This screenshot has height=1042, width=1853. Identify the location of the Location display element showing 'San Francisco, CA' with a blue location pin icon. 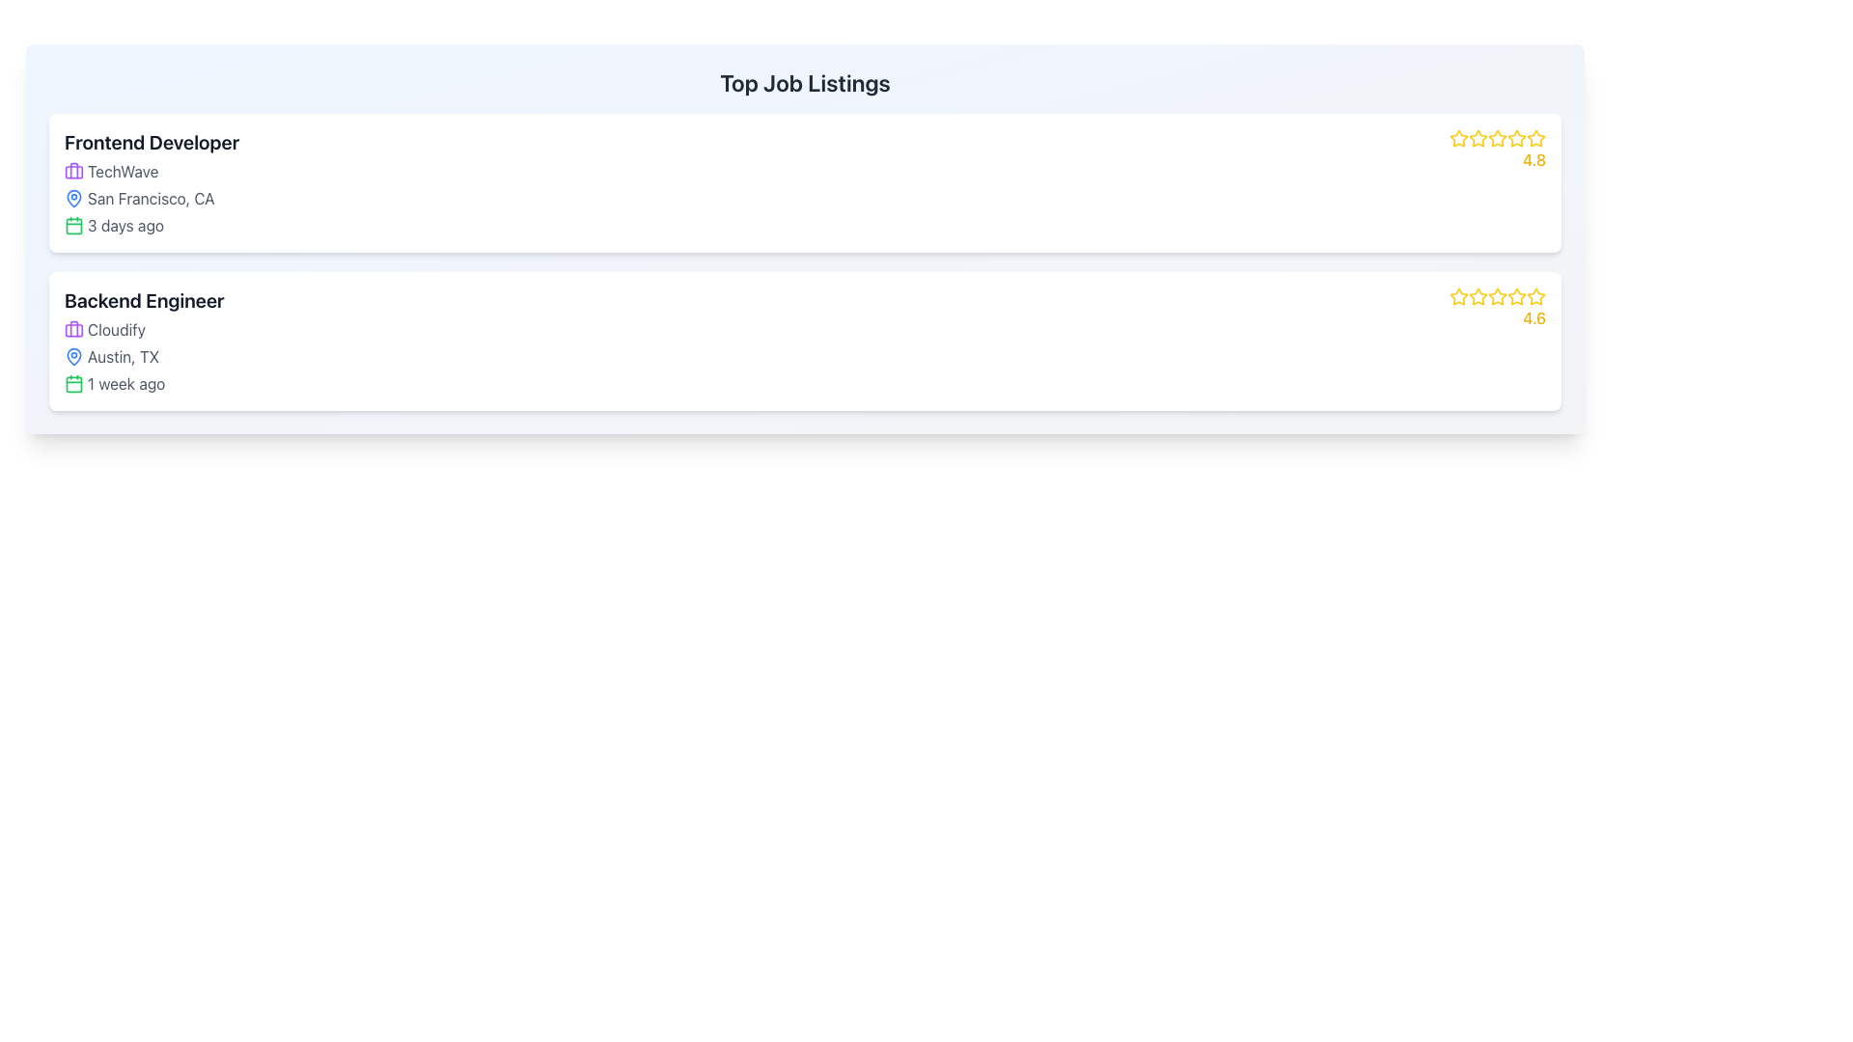
(151, 198).